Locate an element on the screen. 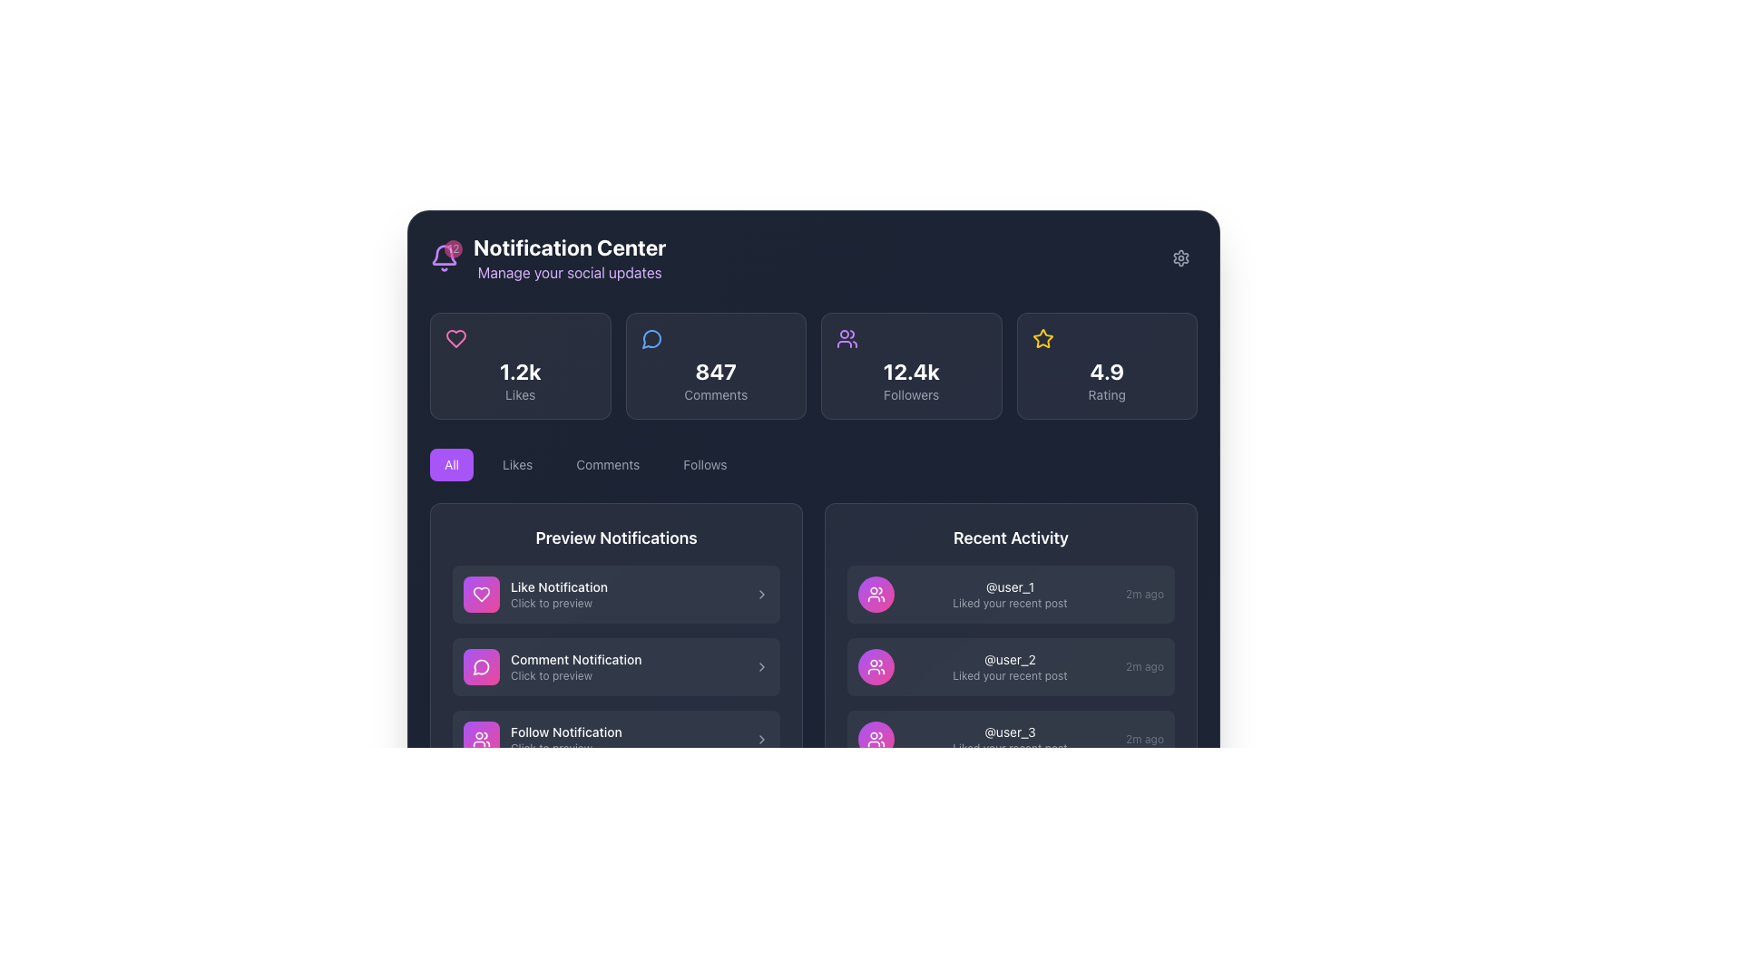 This screenshot has width=1742, height=979. the 'Preview Notifications' text label, which is styled in a large, bold, and white font, serving as a header above the list of notifications is located at coordinates (616, 538).